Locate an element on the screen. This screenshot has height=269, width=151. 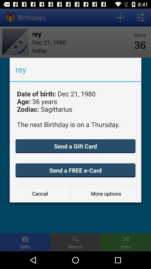
more options icon is located at coordinates (106, 194).